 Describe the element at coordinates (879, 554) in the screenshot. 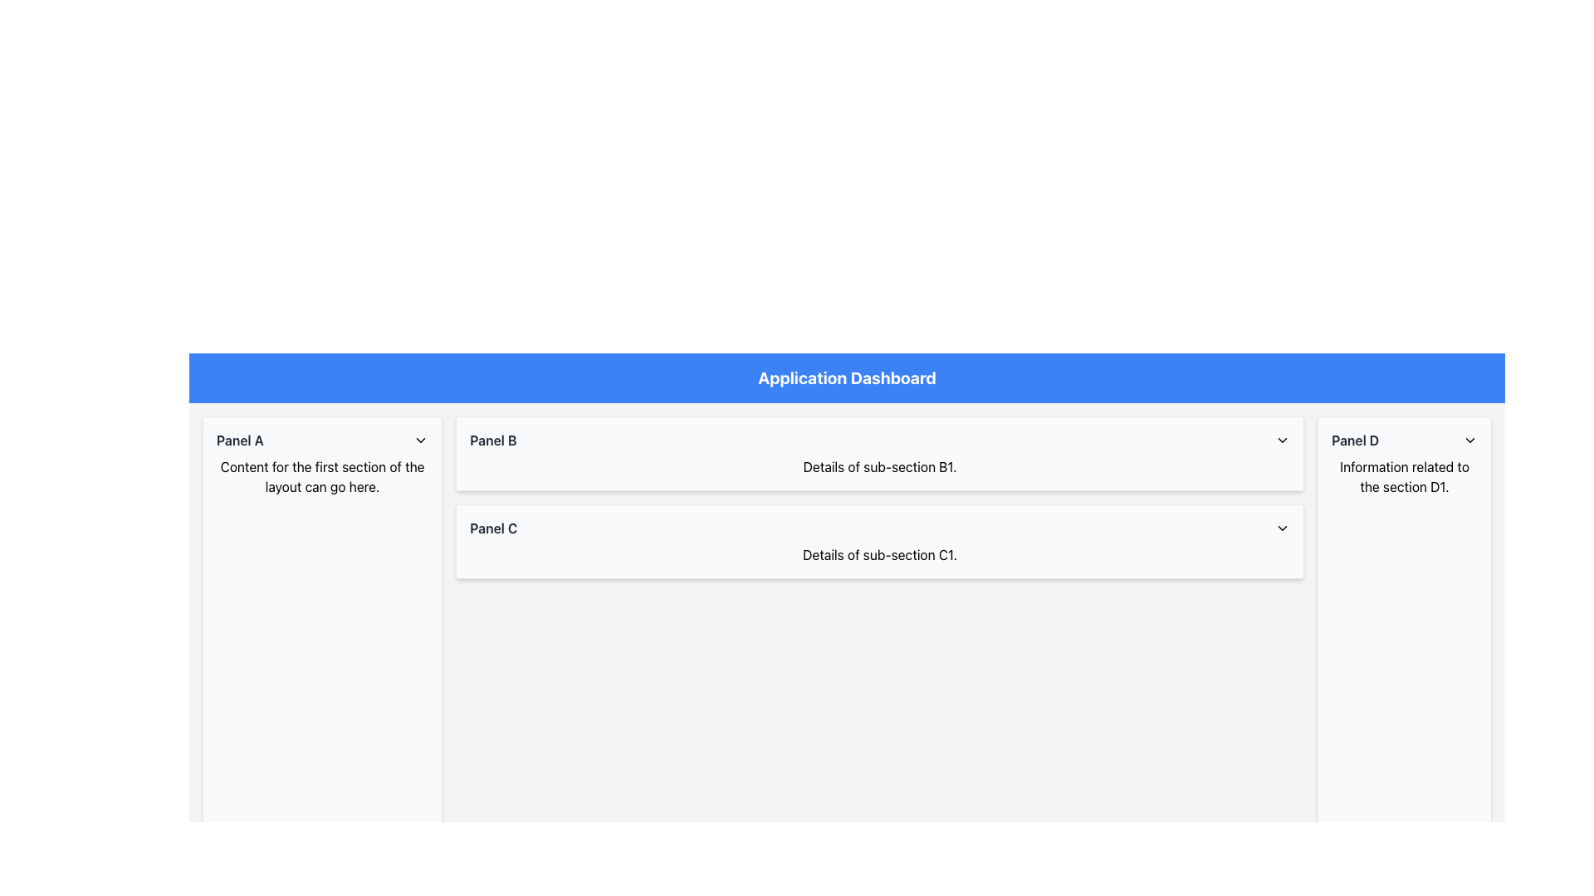

I see `text label providing information for sub-section C1, positioned below the 'Panel C' heading` at that location.